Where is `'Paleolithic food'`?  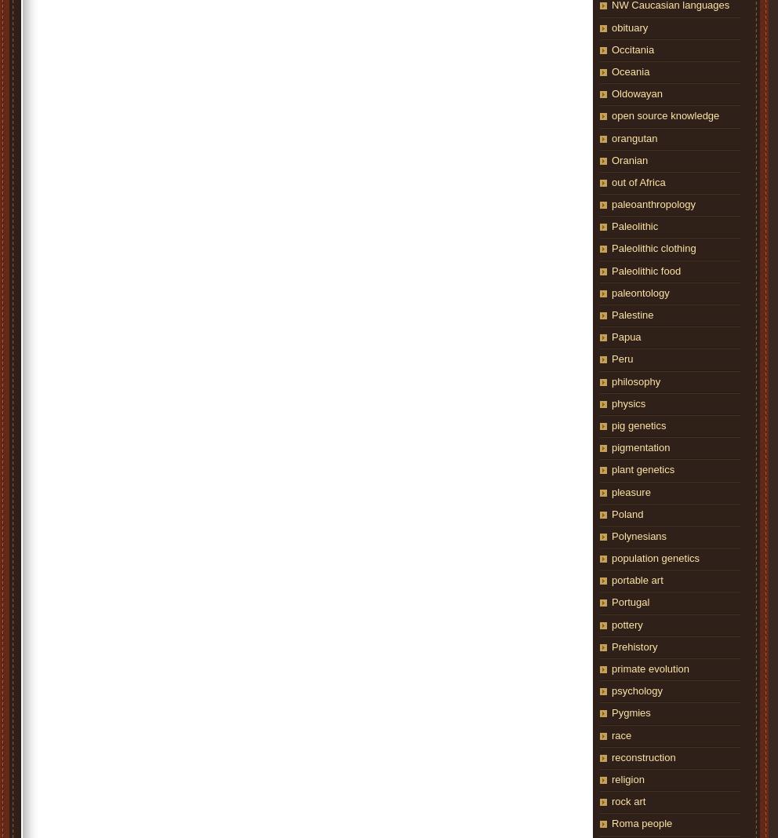 'Paleolithic food' is located at coordinates (645, 269).